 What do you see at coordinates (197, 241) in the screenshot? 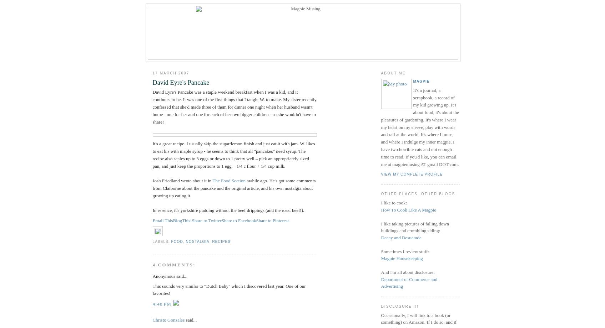
I see `'nostalgia'` at bounding box center [197, 241].